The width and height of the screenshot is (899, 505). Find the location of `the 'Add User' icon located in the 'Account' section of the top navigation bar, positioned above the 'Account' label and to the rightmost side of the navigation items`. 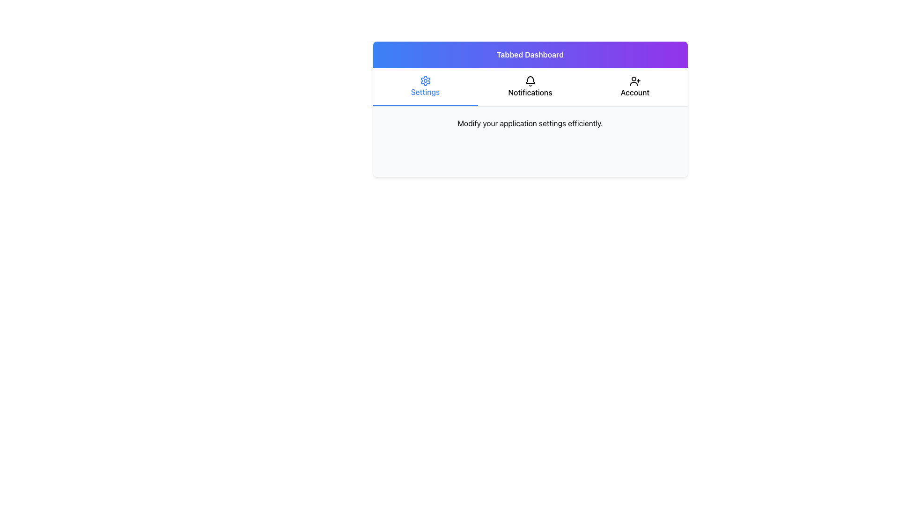

the 'Add User' icon located in the 'Account' section of the top navigation bar, positioned above the 'Account' label and to the rightmost side of the navigation items is located at coordinates (635, 80).